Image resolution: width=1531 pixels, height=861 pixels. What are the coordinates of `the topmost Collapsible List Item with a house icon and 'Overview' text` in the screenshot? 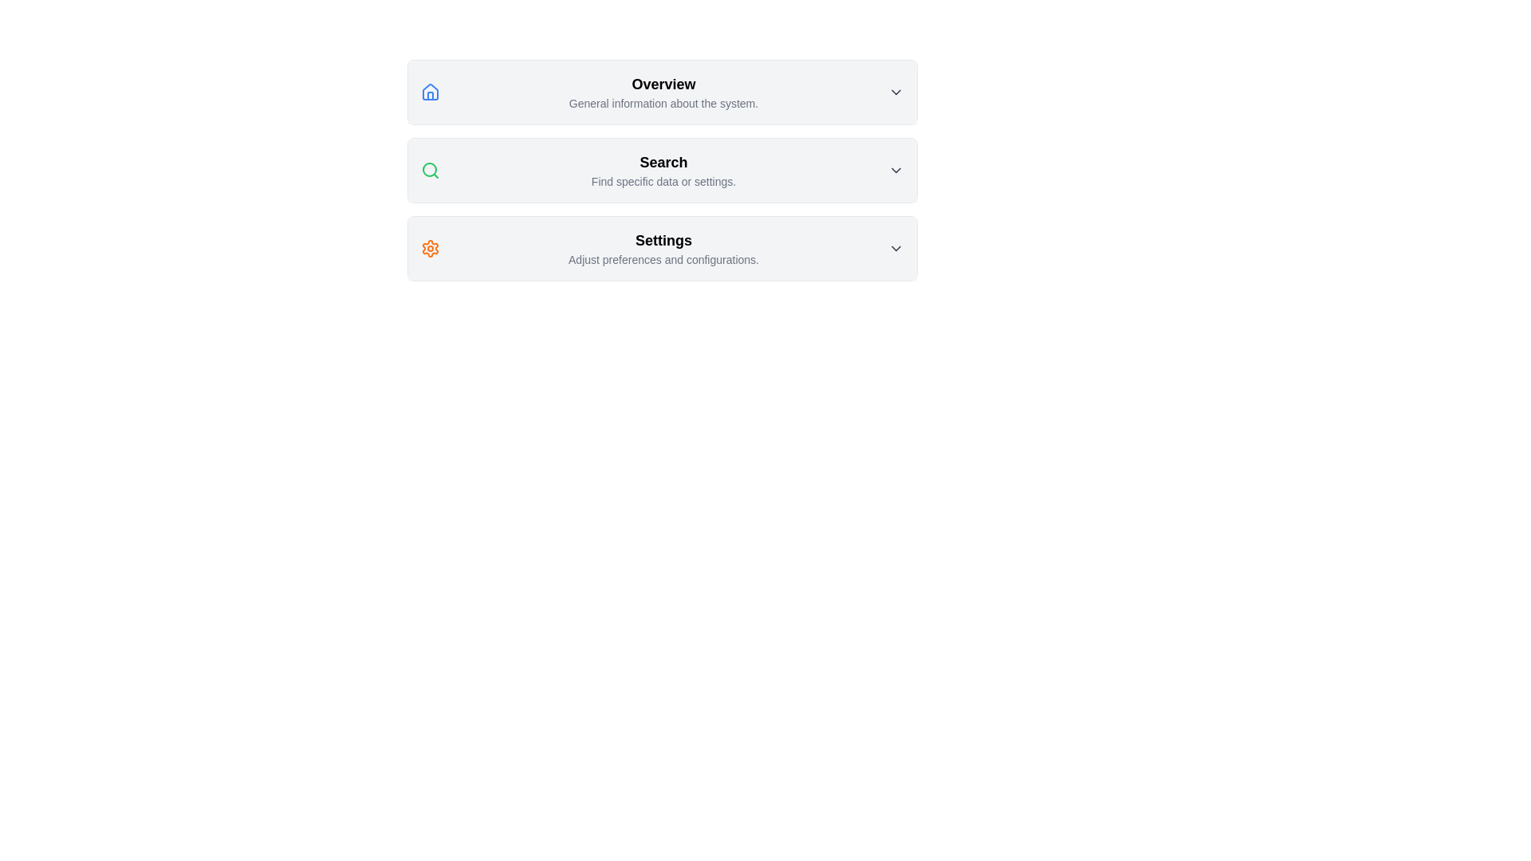 It's located at (662, 92).